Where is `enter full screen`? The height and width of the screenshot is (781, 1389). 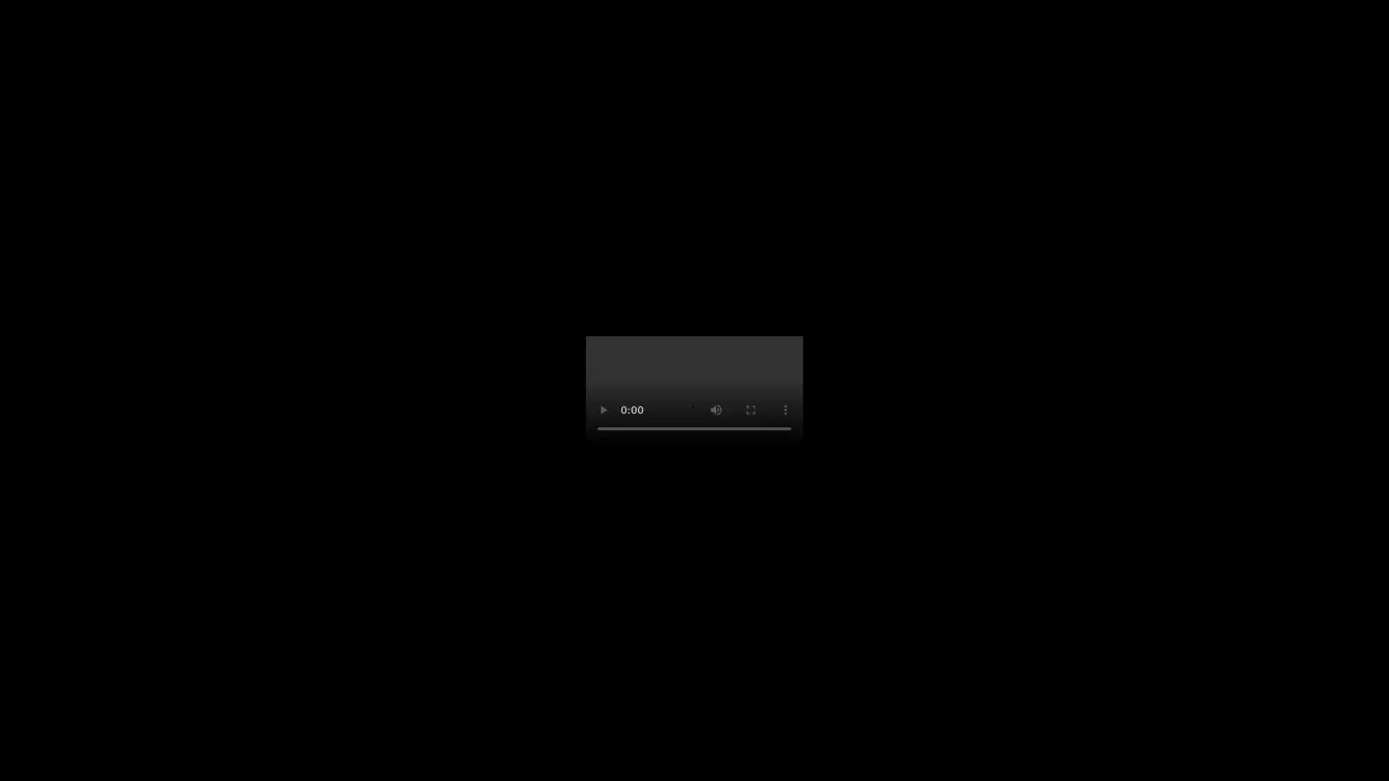 enter full screen is located at coordinates (750, 410).